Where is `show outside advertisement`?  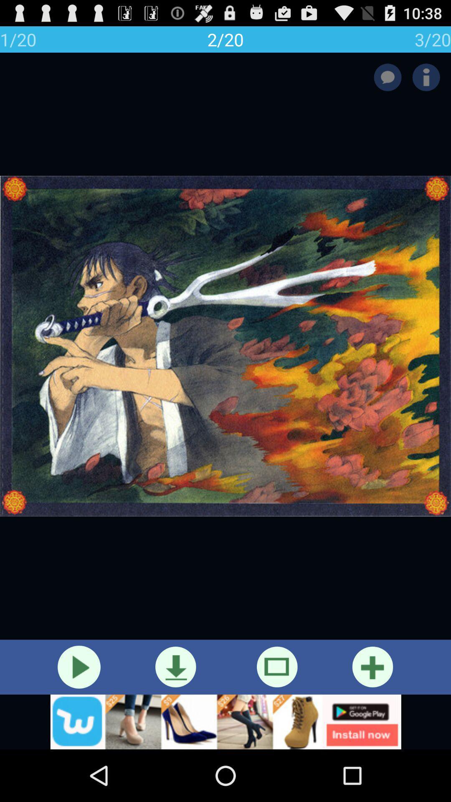
show outside advertisement is located at coordinates (225, 721).